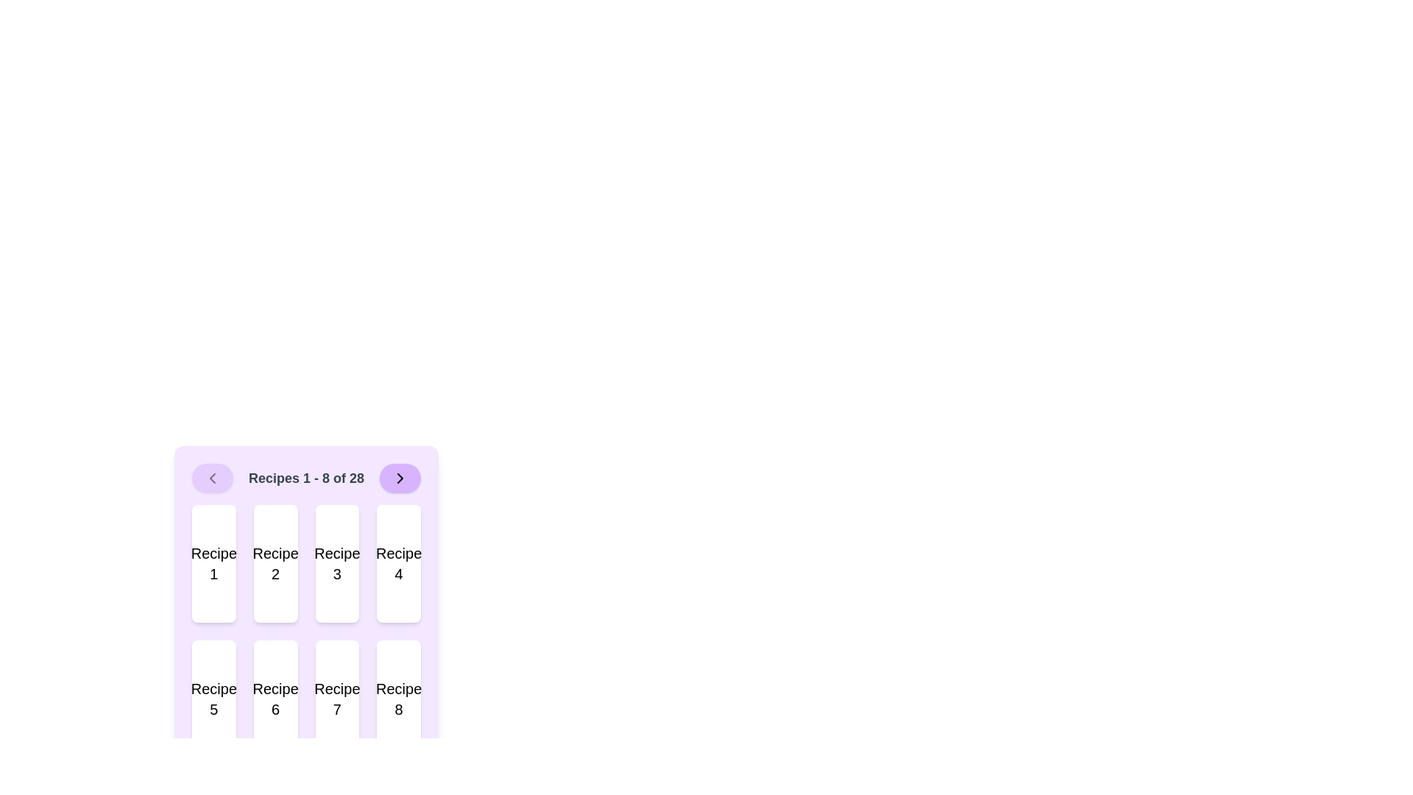  Describe the element at coordinates (305, 478) in the screenshot. I see `text label displaying 'Recipes 1 - 8 of 28' located in the center of the navigation bar, flanked by circular navigation buttons` at that location.